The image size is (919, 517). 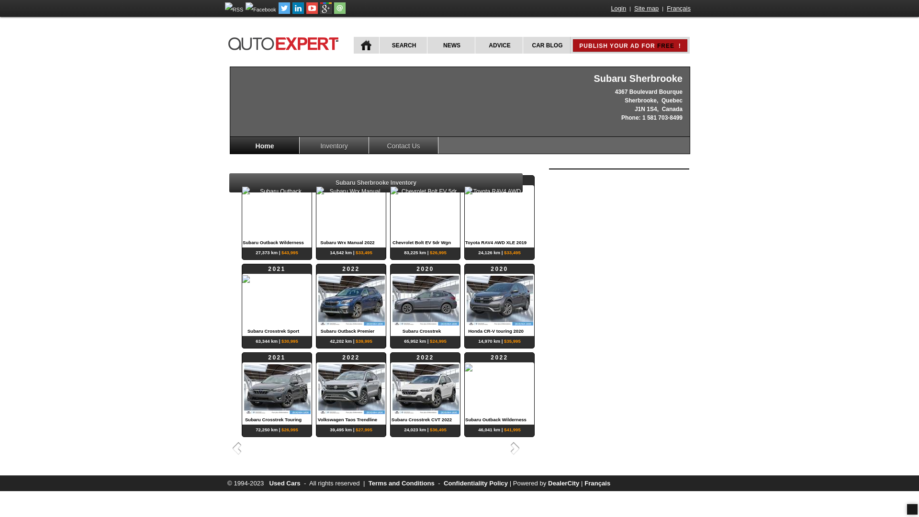 What do you see at coordinates (246, 9) in the screenshot?
I see `'Follow autoExpert.ca on Facebook'` at bounding box center [246, 9].